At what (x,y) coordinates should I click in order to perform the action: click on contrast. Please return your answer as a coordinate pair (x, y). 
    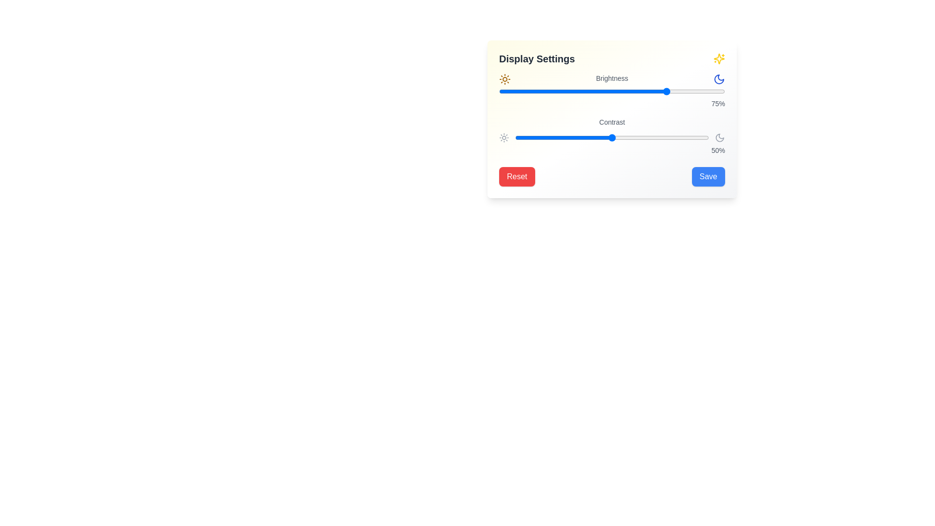
    Looking at the image, I should click on (662, 137).